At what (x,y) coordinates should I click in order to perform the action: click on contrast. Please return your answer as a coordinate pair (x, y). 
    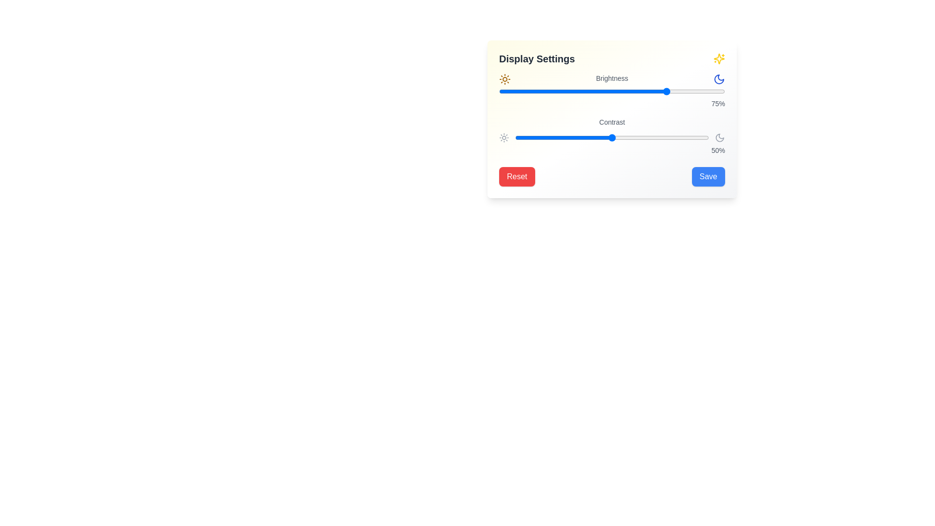
    Looking at the image, I should click on (662, 137).